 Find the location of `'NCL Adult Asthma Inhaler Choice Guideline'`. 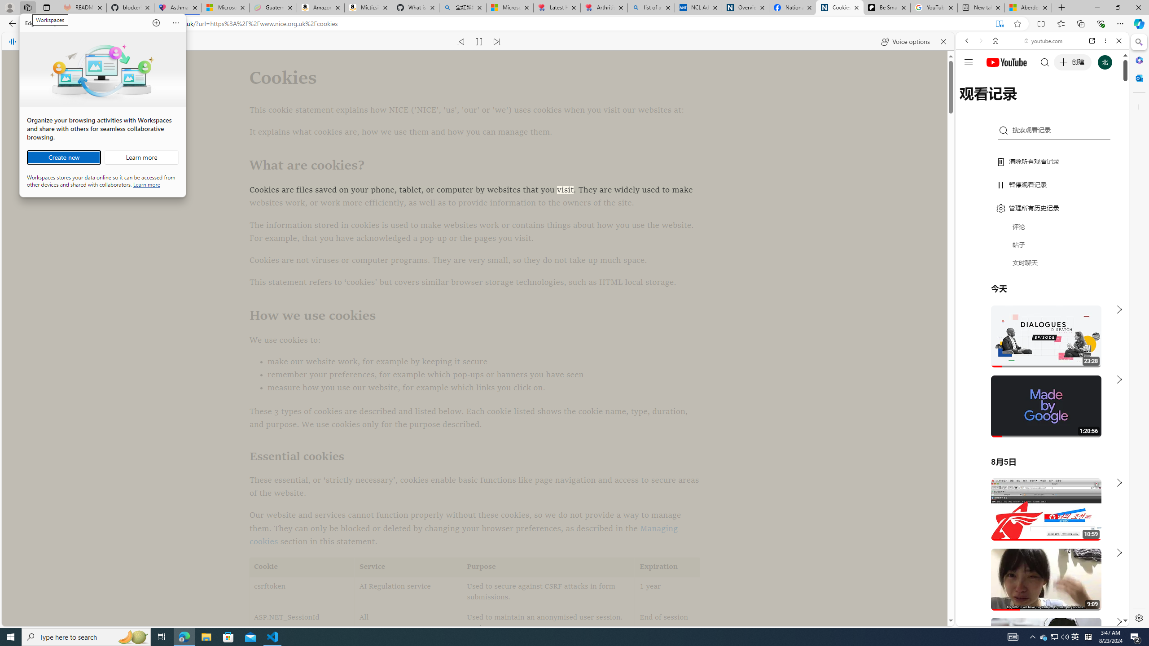

'NCL Adult Asthma Inhaler Choice Guideline' is located at coordinates (698, 7).